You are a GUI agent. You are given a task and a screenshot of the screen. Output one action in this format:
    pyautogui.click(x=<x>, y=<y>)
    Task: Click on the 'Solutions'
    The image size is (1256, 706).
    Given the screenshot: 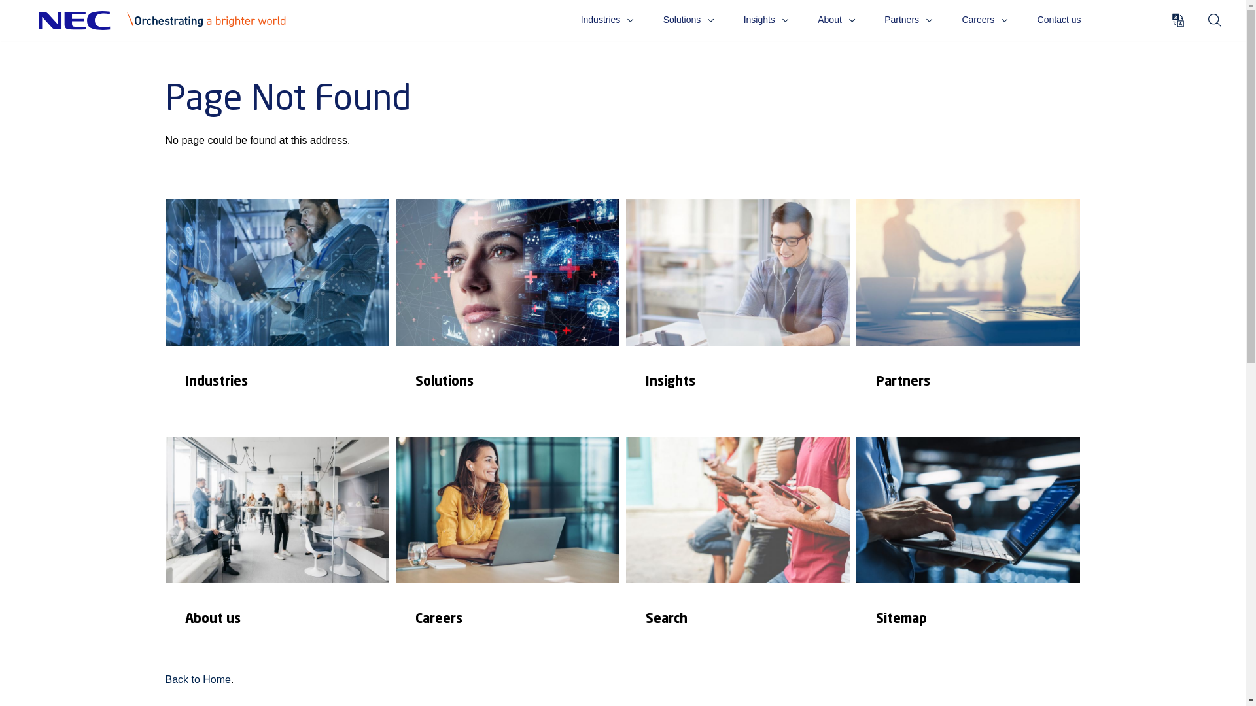 What is the action you would take?
    pyautogui.click(x=688, y=20)
    